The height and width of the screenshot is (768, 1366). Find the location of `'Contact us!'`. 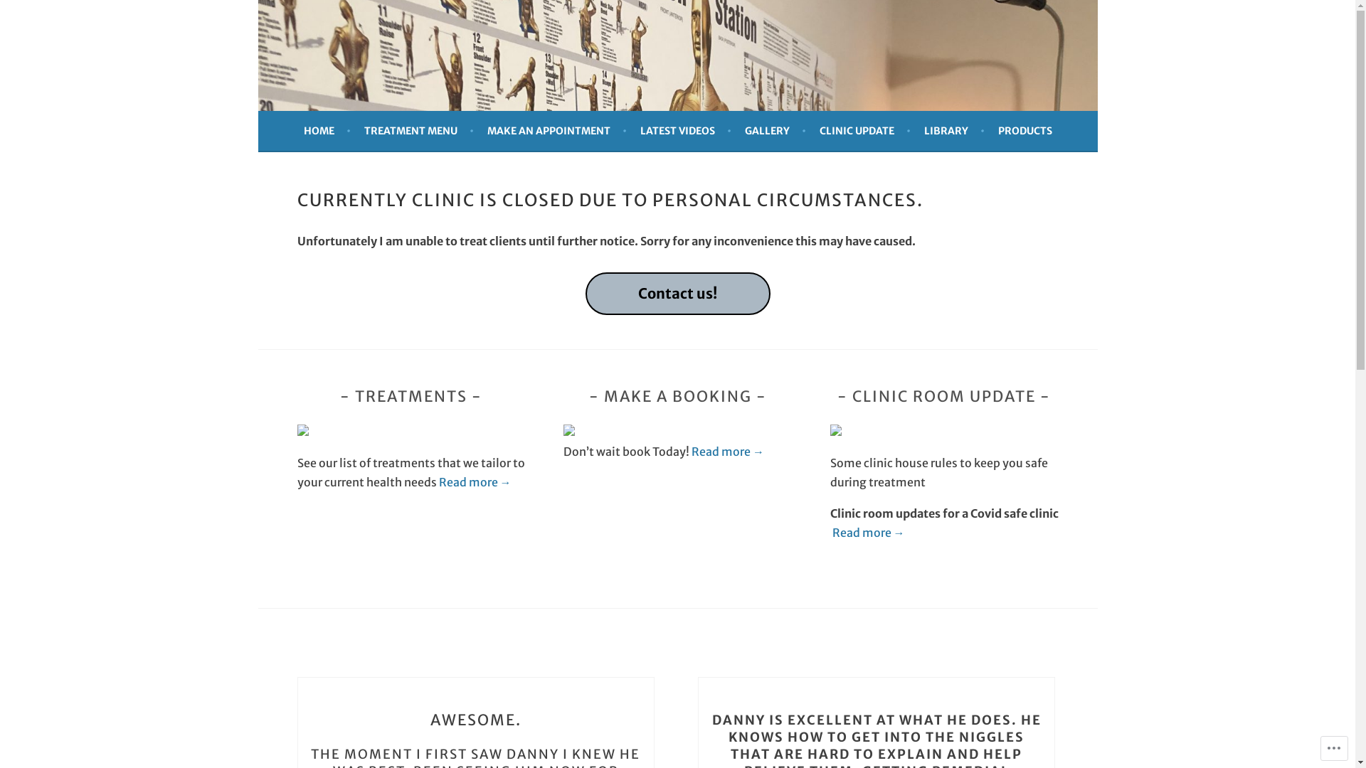

'Contact us!' is located at coordinates (676, 293).